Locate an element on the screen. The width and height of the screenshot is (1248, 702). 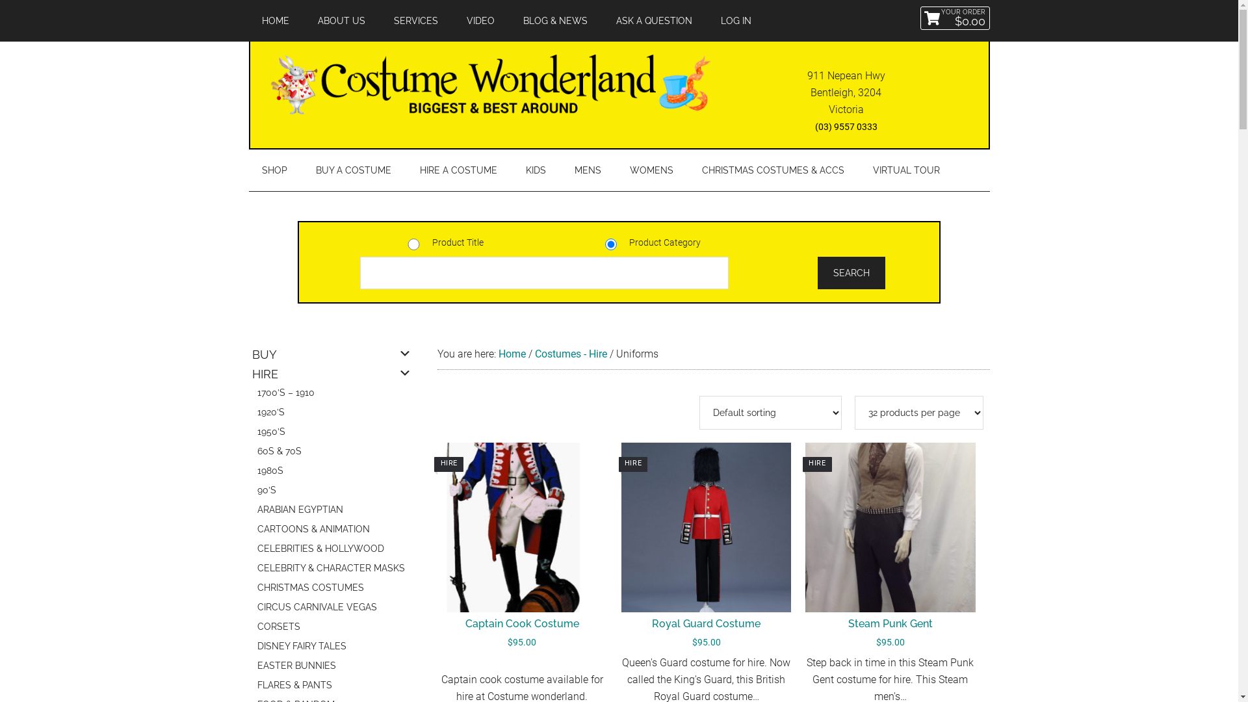
'CELEBRITIES & HOLLYWOOD' is located at coordinates (331, 551).